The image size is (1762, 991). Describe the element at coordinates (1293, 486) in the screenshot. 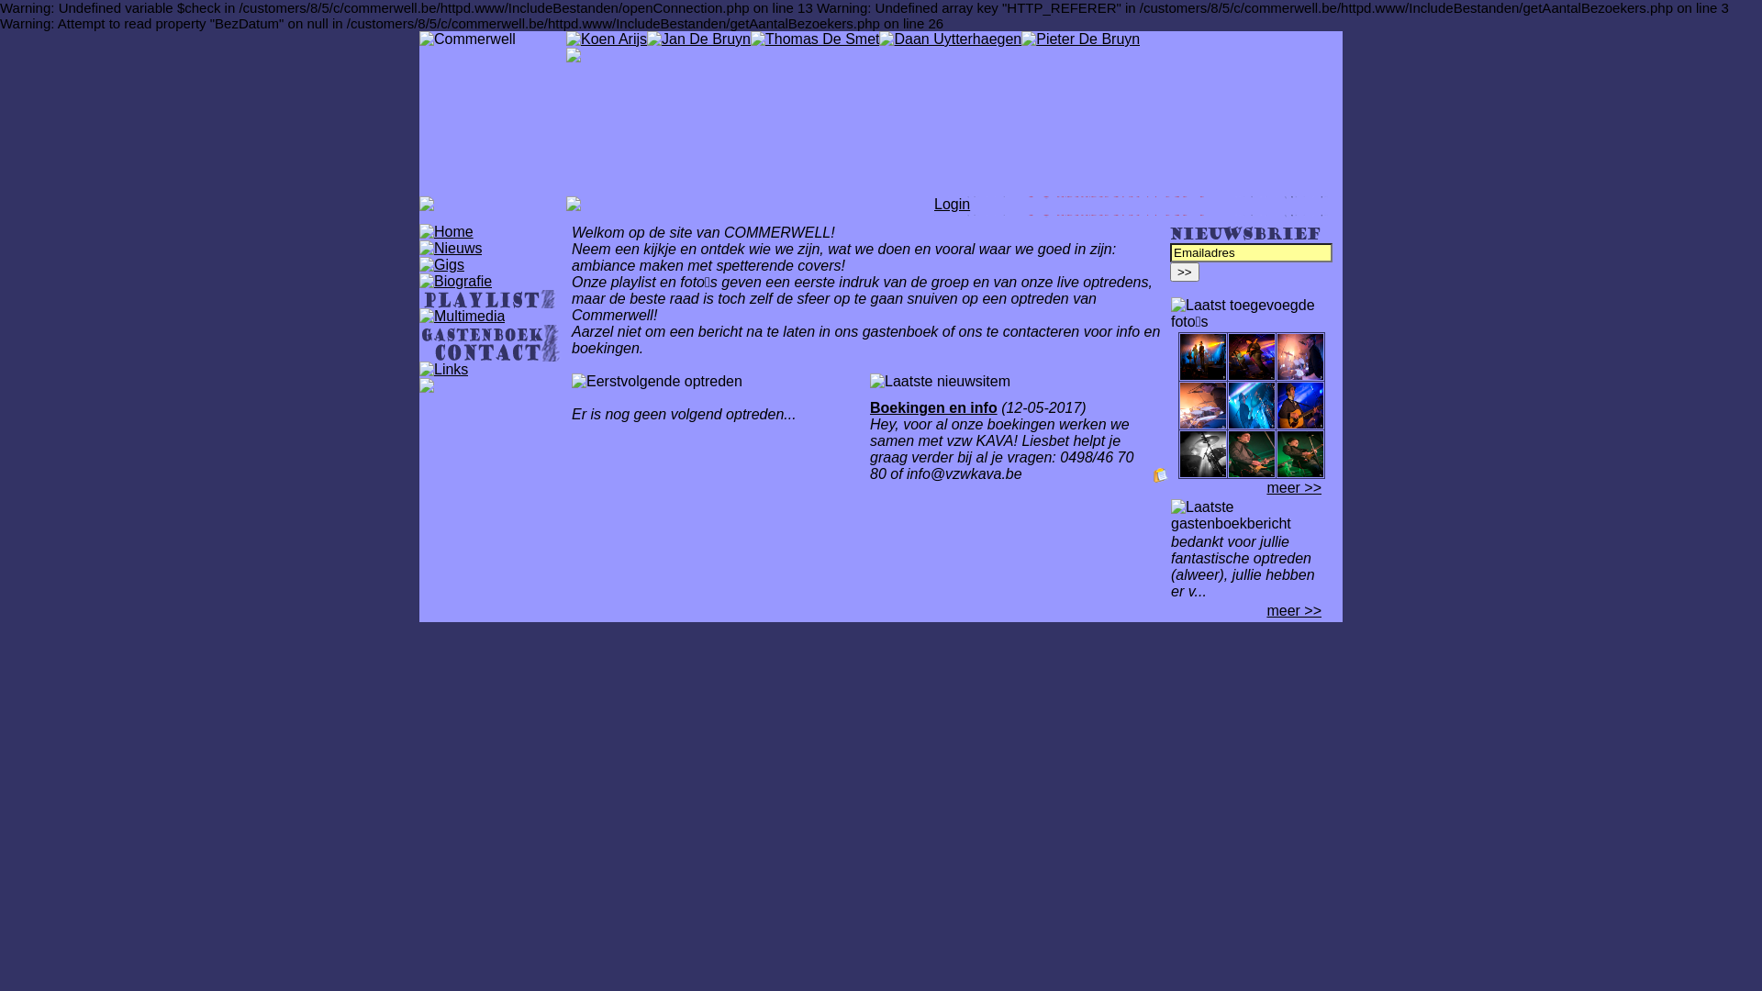

I see `'meer >>'` at that location.